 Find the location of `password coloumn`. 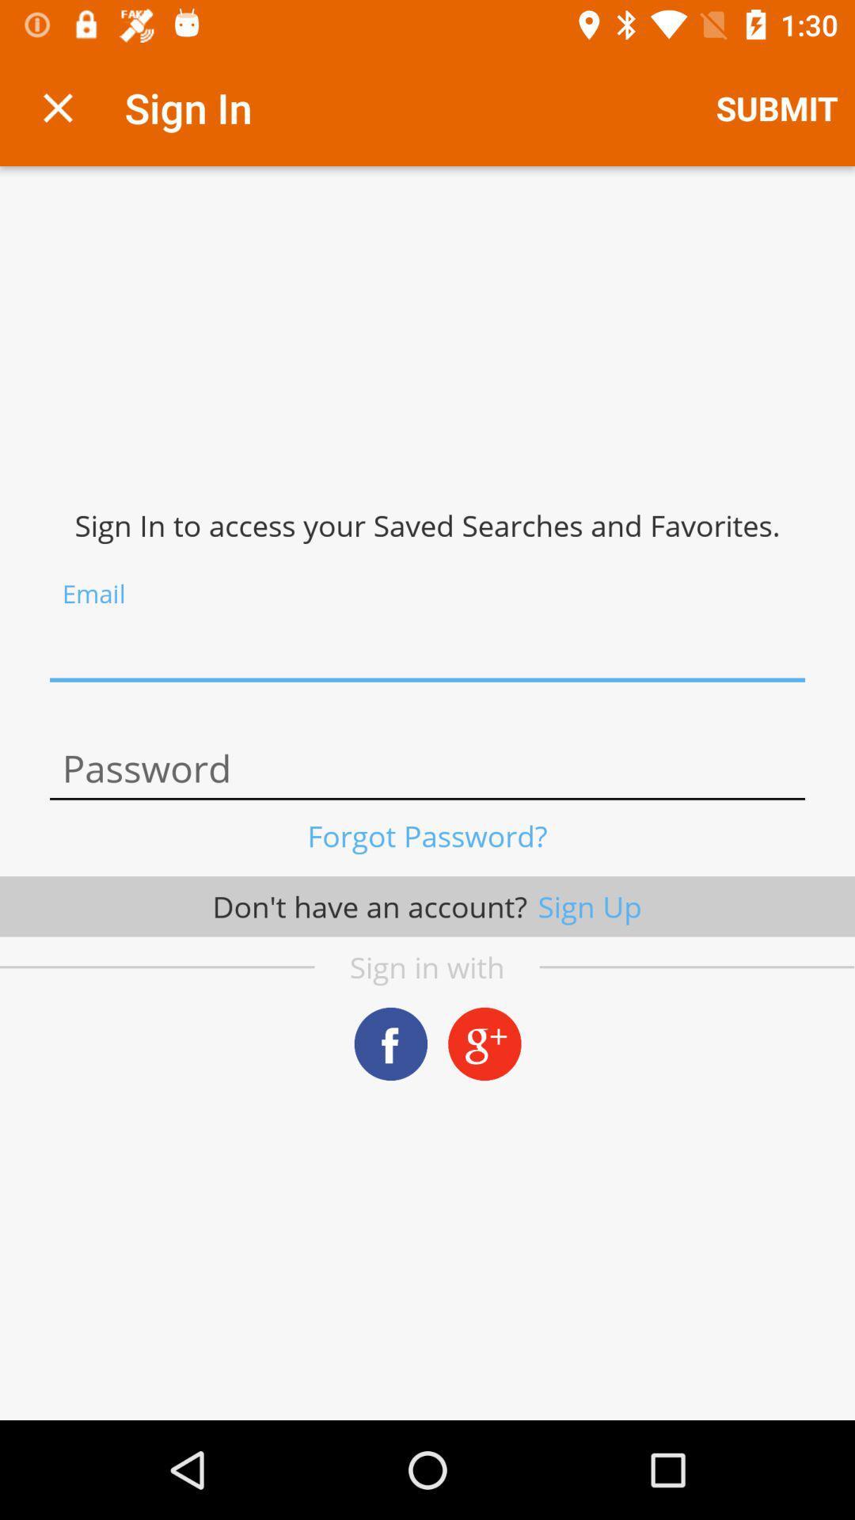

password coloumn is located at coordinates (427, 769).